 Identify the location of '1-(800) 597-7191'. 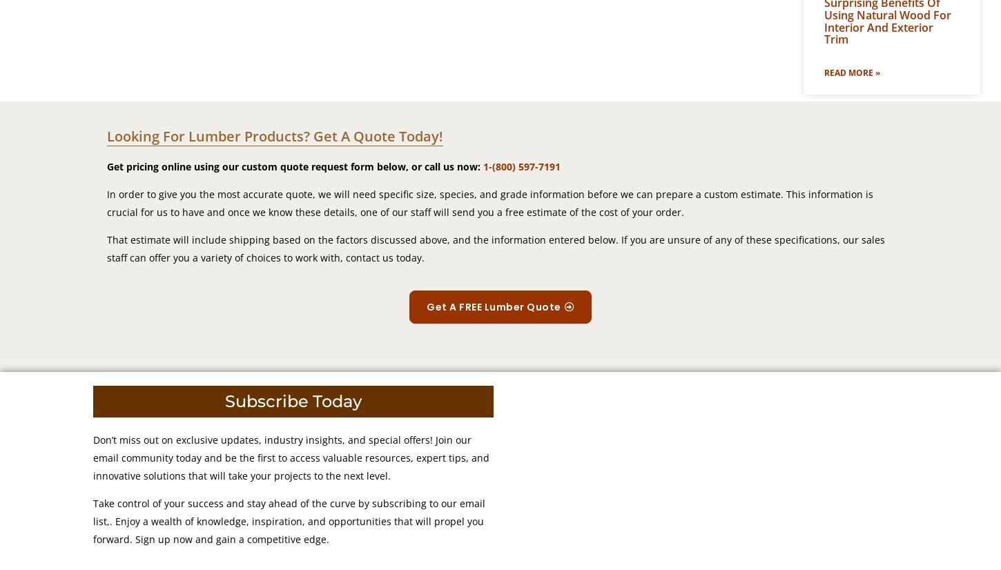
(522, 166).